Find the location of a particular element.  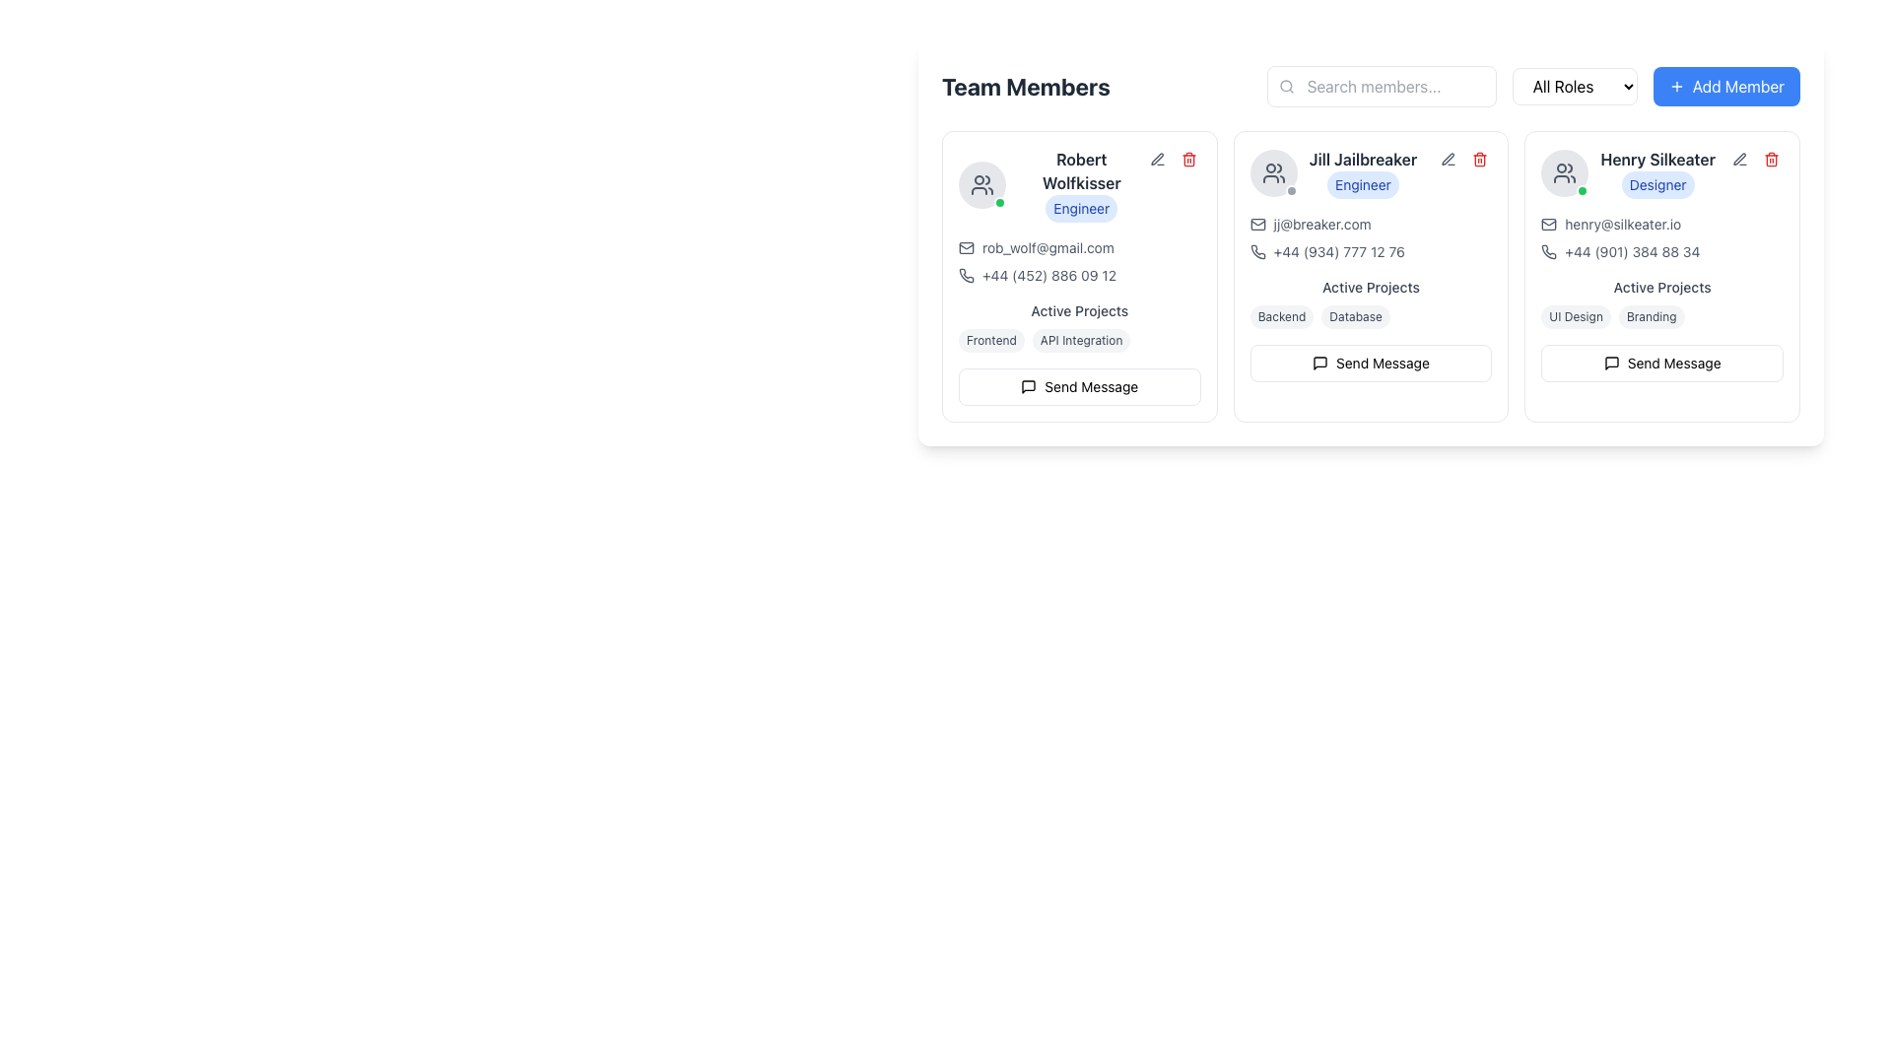

the edit button located at the top-right corner of the team member card for 'Henry Silkeater' is located at coordinates (1739, 159).